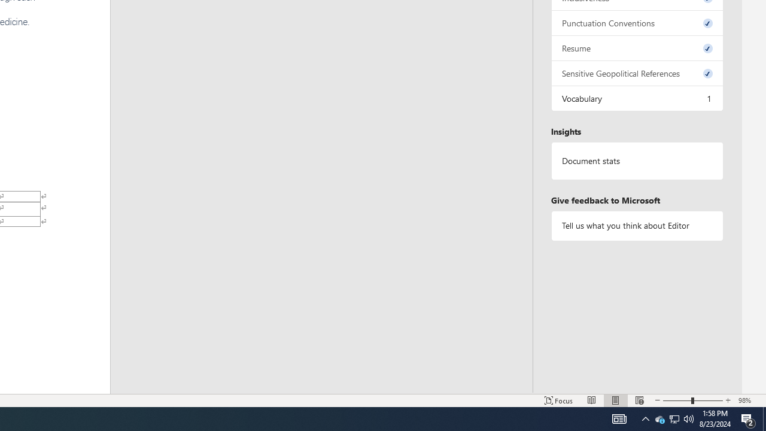  What do you see at coordinates (558, 400) in the screenshot?
I see `'Focus '` at bounding box center [558, 400].